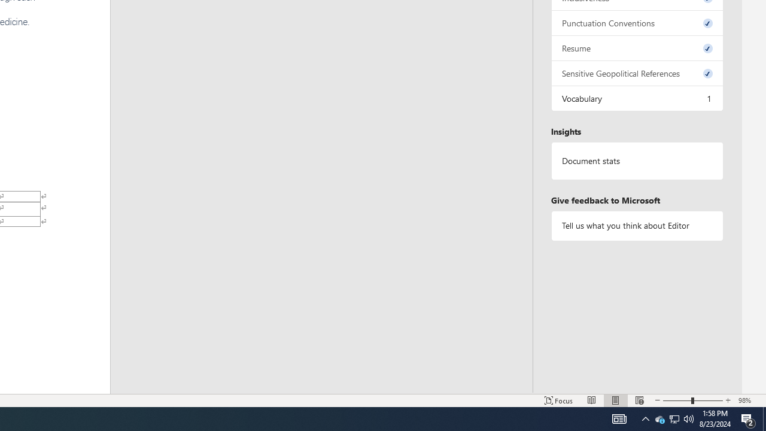  What do you see at coordinates (558, 400) in the screenshot?
I see `'Focus '` at bounding box center [558, 400].